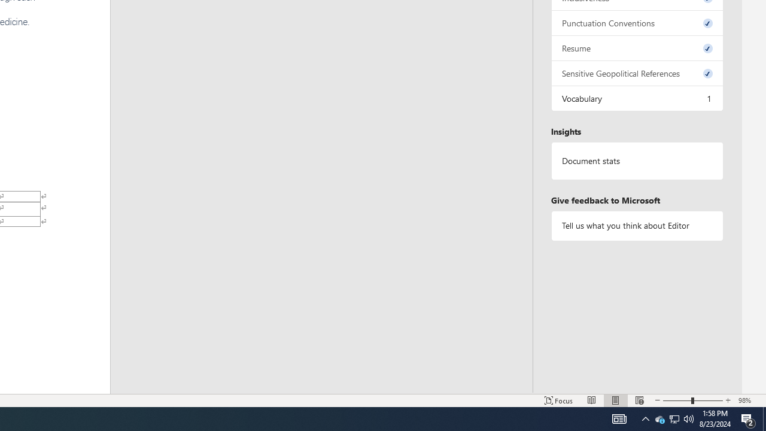  What do you see at coordinates (558, 400) in the screenshot?
I see `'Focus '` at bounding box center [558, 400].